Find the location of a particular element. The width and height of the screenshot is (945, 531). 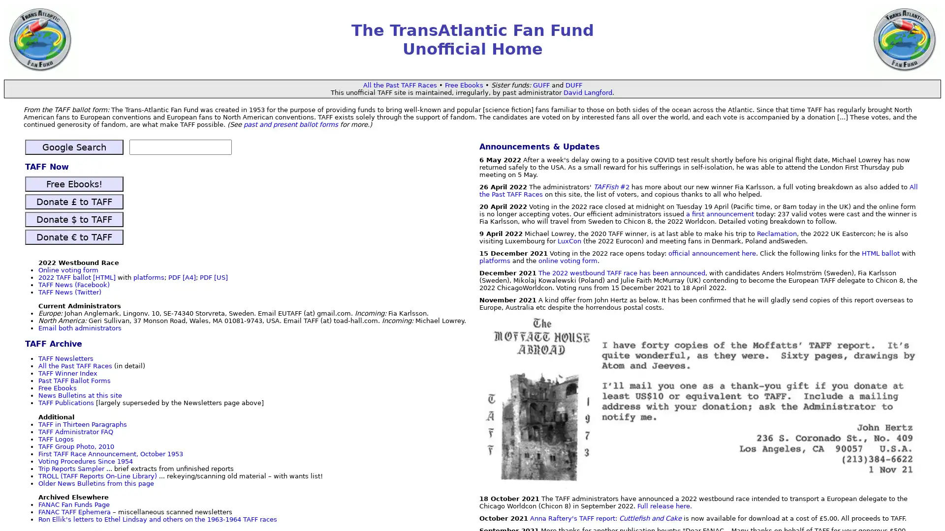

Google Search is located at coordinates (73, 147).